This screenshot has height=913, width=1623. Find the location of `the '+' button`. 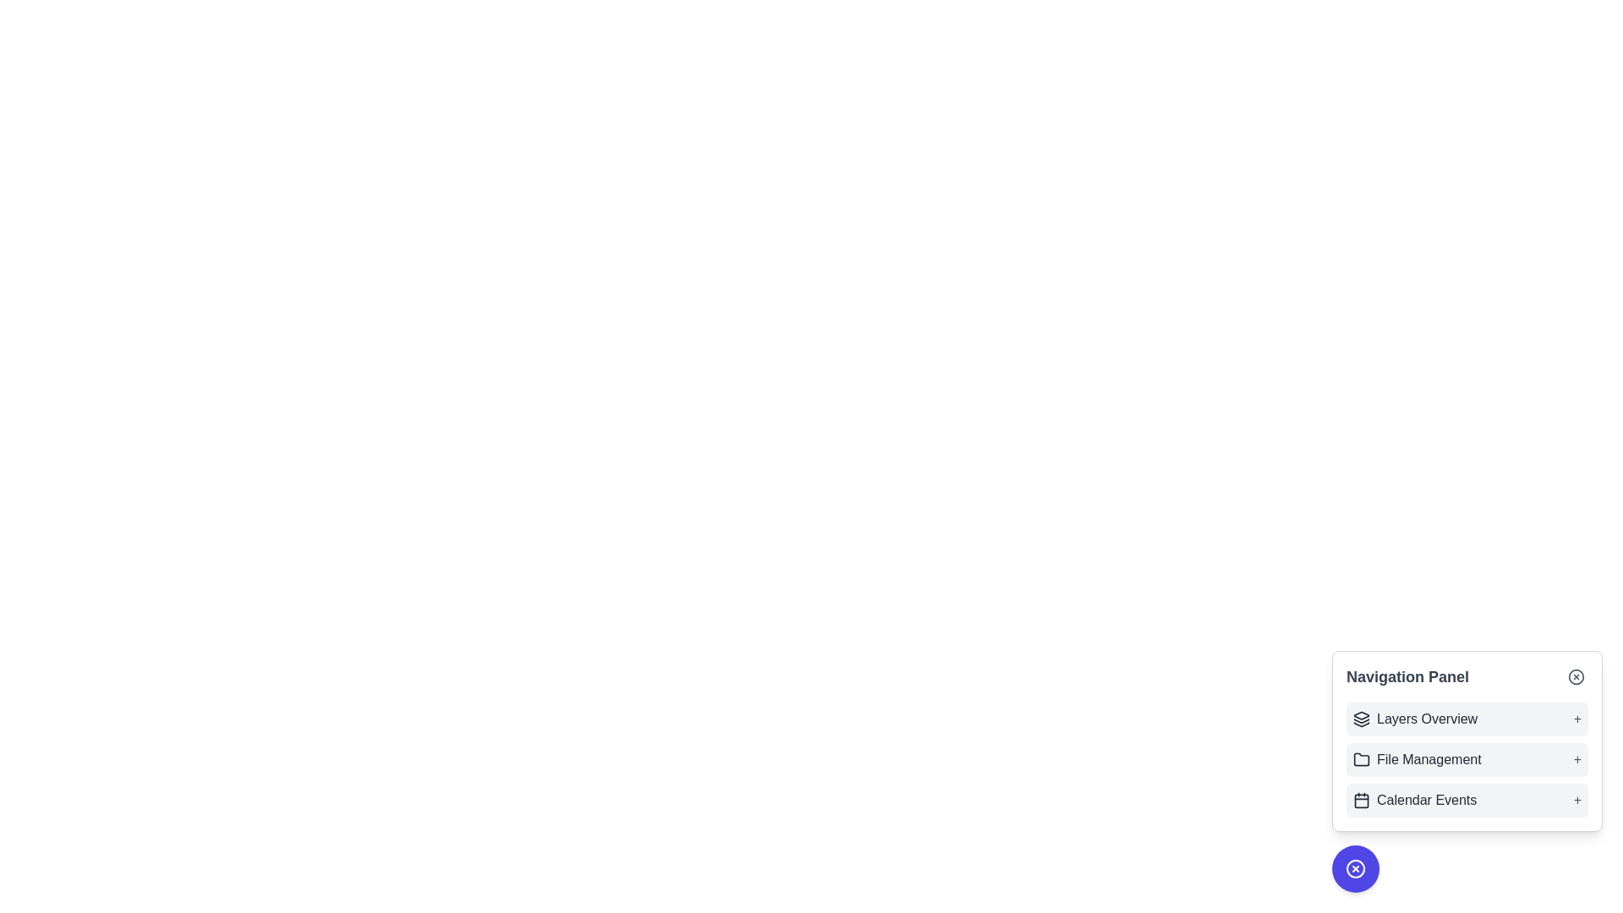

the '+' button is located at coordinates (1467, 800).